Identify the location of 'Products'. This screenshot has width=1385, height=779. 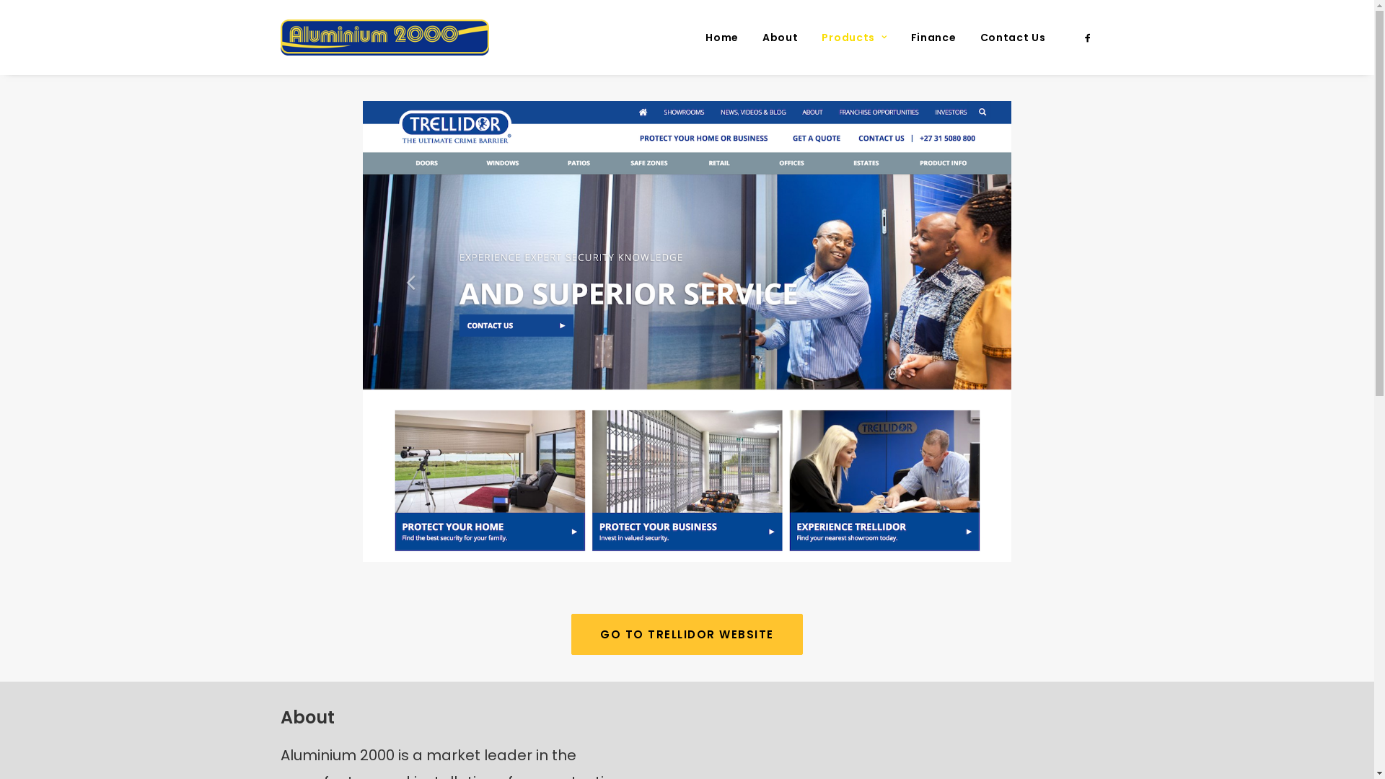
(854, 36).